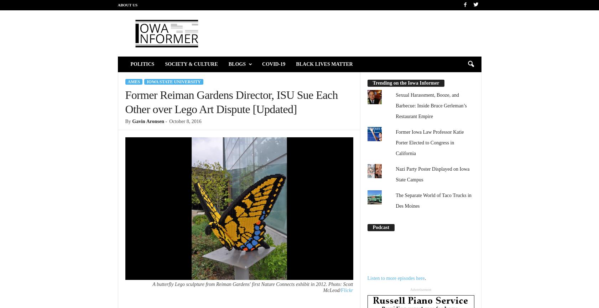 The height and width of the screenshot is (308, 599). I want to click on 'By', so click(125, 121).